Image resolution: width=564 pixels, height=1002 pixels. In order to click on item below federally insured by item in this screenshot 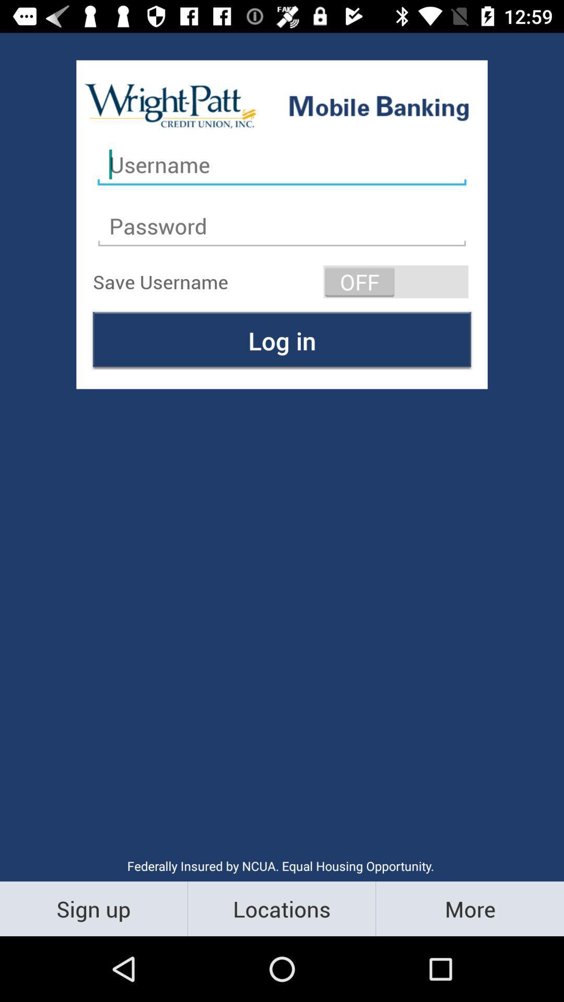, I will do `click(469, 908)`.